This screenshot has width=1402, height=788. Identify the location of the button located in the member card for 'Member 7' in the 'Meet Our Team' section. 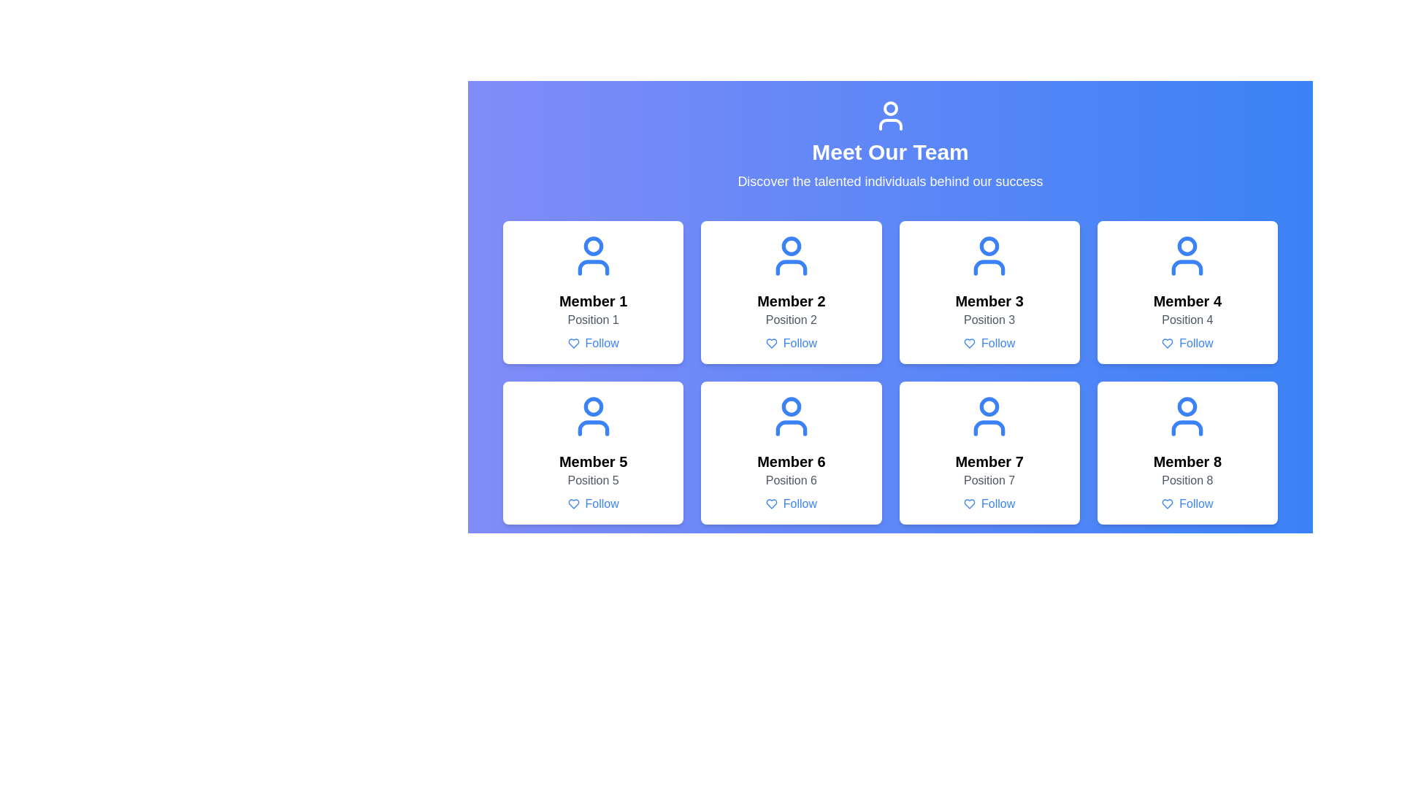
(997, 503).